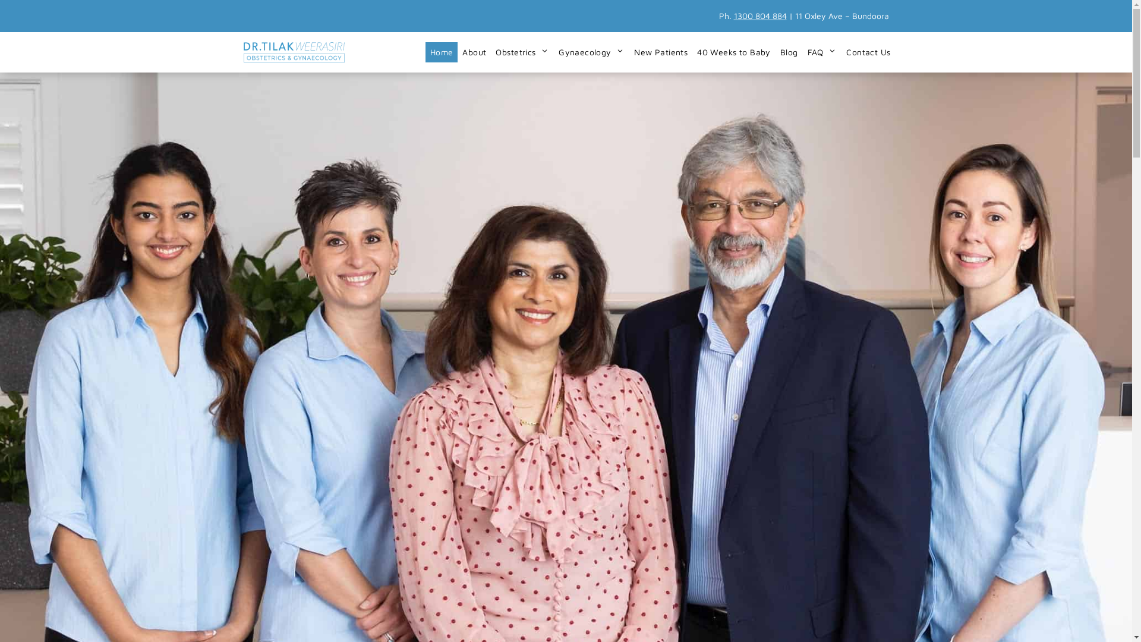  I want to click on 'Contact Us', so click(841, 51).